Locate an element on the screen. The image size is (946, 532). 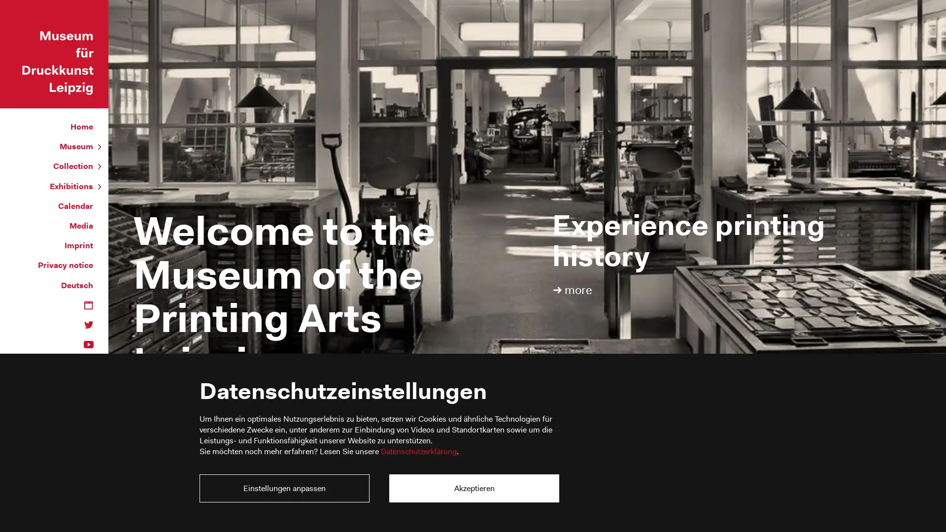
Akzeptieren is located at coordinates (474, 488).